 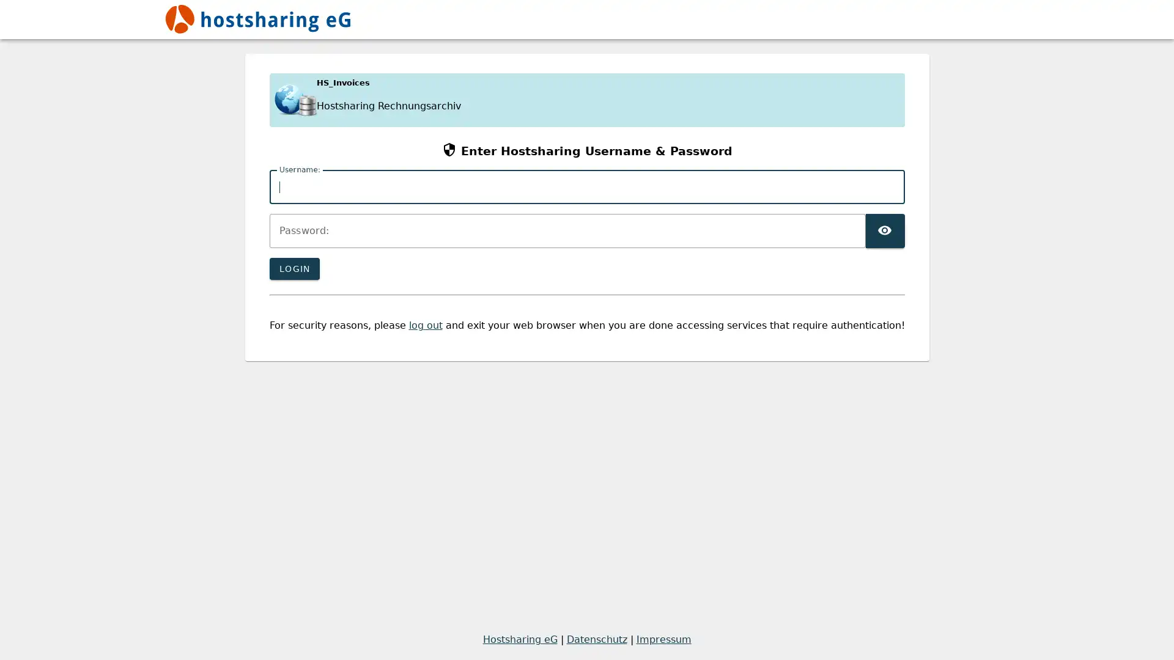 What do you see at coordinates (884, 231) in the screenshot?
I see `TOGGLE PASSWORD` at bounding box center [884, 231].